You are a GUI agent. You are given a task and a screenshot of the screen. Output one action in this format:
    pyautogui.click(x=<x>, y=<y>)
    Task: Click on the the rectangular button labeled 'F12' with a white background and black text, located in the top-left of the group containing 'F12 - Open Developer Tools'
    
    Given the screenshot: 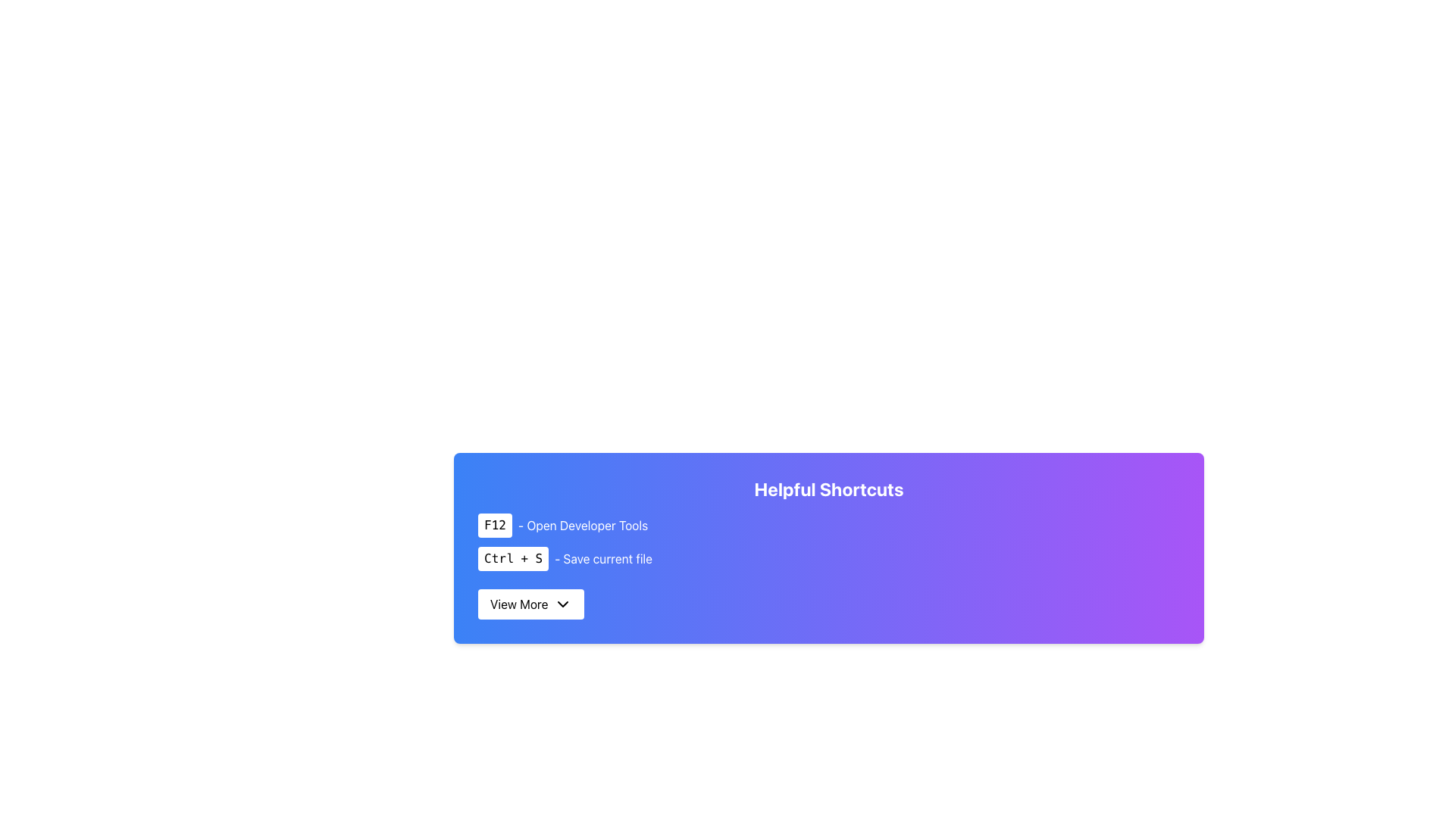 What is the action you would take?
    pyautogui.click(x=495, y=525)
    